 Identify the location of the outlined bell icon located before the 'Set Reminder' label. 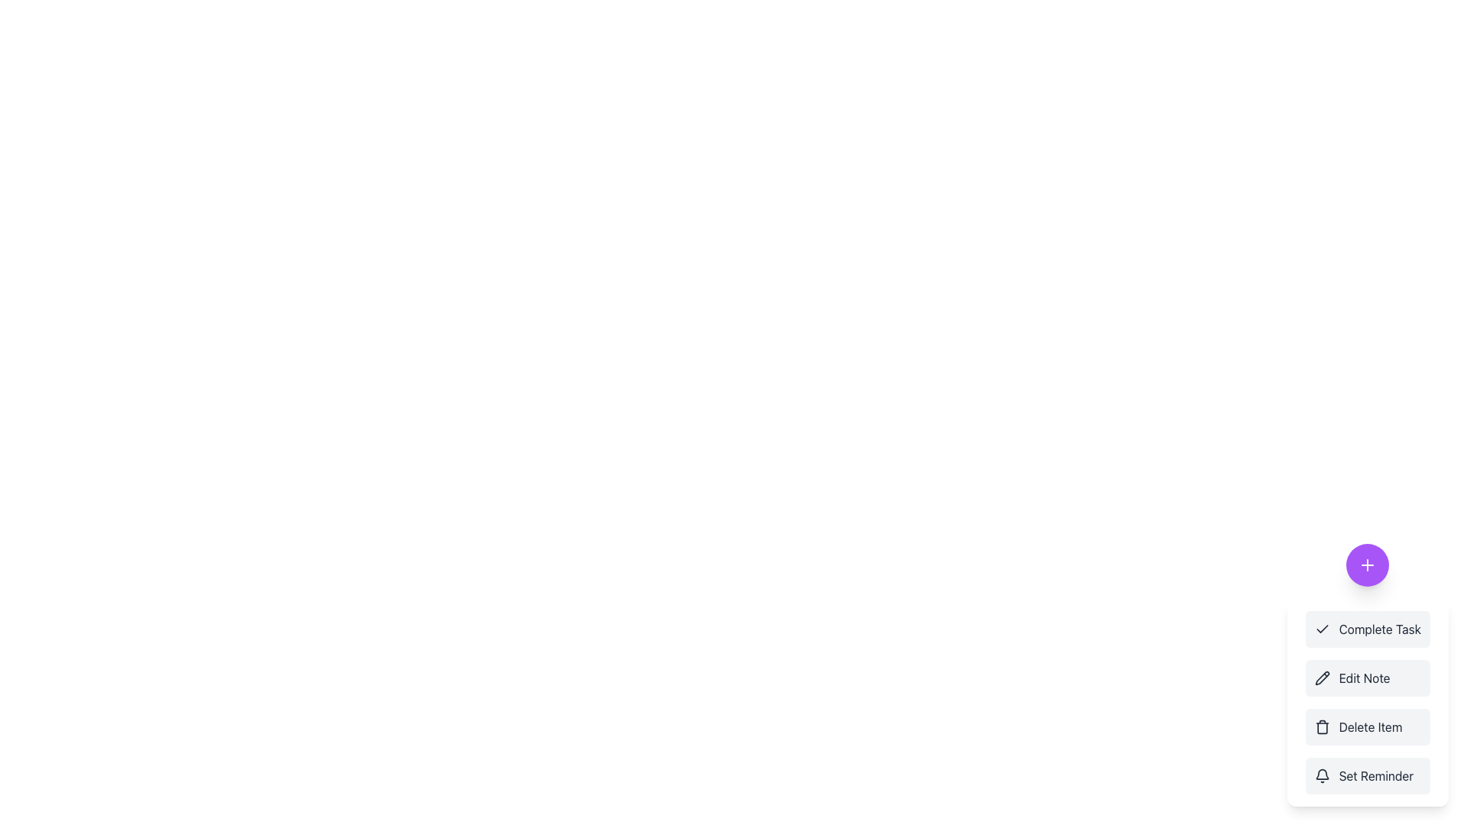
(1320, 775).